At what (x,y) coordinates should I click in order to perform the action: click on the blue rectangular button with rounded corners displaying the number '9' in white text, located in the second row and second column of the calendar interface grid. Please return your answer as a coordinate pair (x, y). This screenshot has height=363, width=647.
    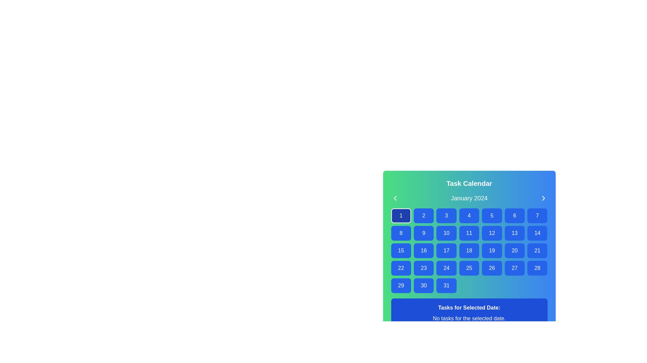
    Looking at the image, I should click on (423, 233).